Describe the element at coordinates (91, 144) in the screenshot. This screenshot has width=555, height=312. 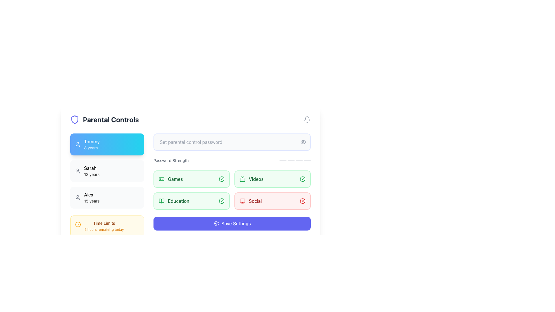
I see `information displayed in the Text label that shows 'Tommy' and '8 years', which is the first item beneath the 'Parental Controls' header` at that location.